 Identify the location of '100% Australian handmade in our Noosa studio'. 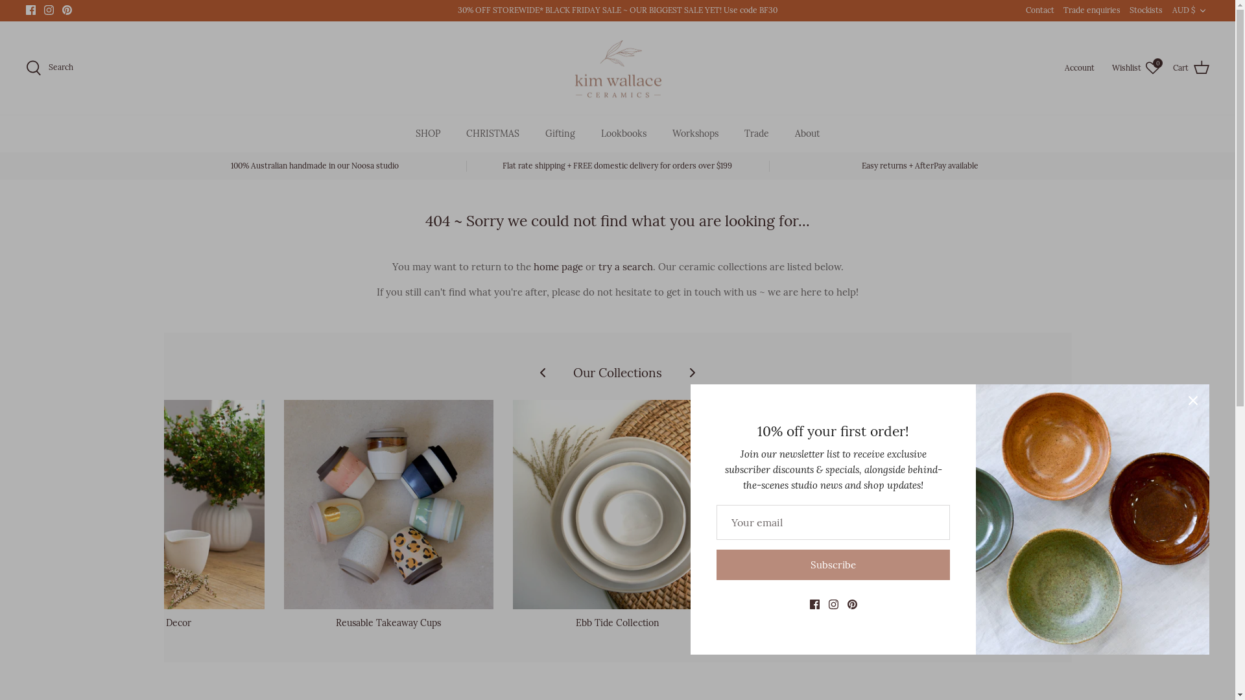
(314, 165).